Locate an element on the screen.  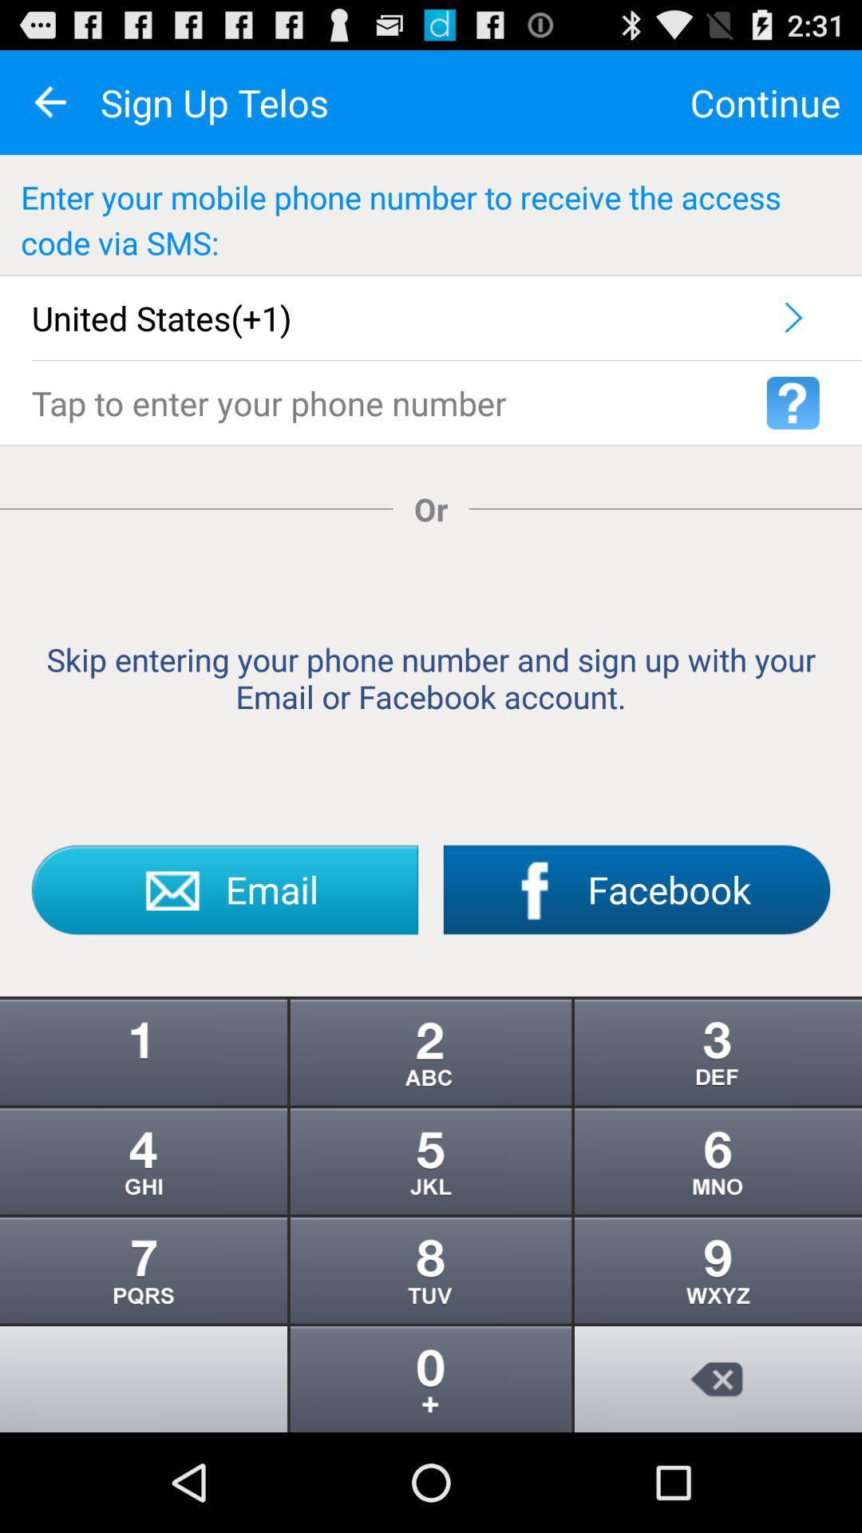
the more icon is located at coordinates (431, 1242).